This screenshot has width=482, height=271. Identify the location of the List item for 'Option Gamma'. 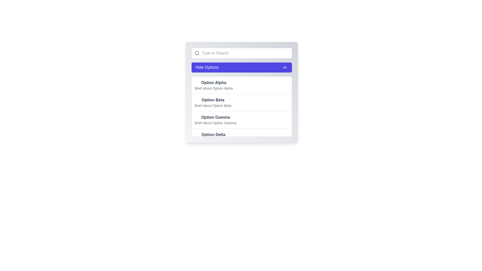
(215, 120).